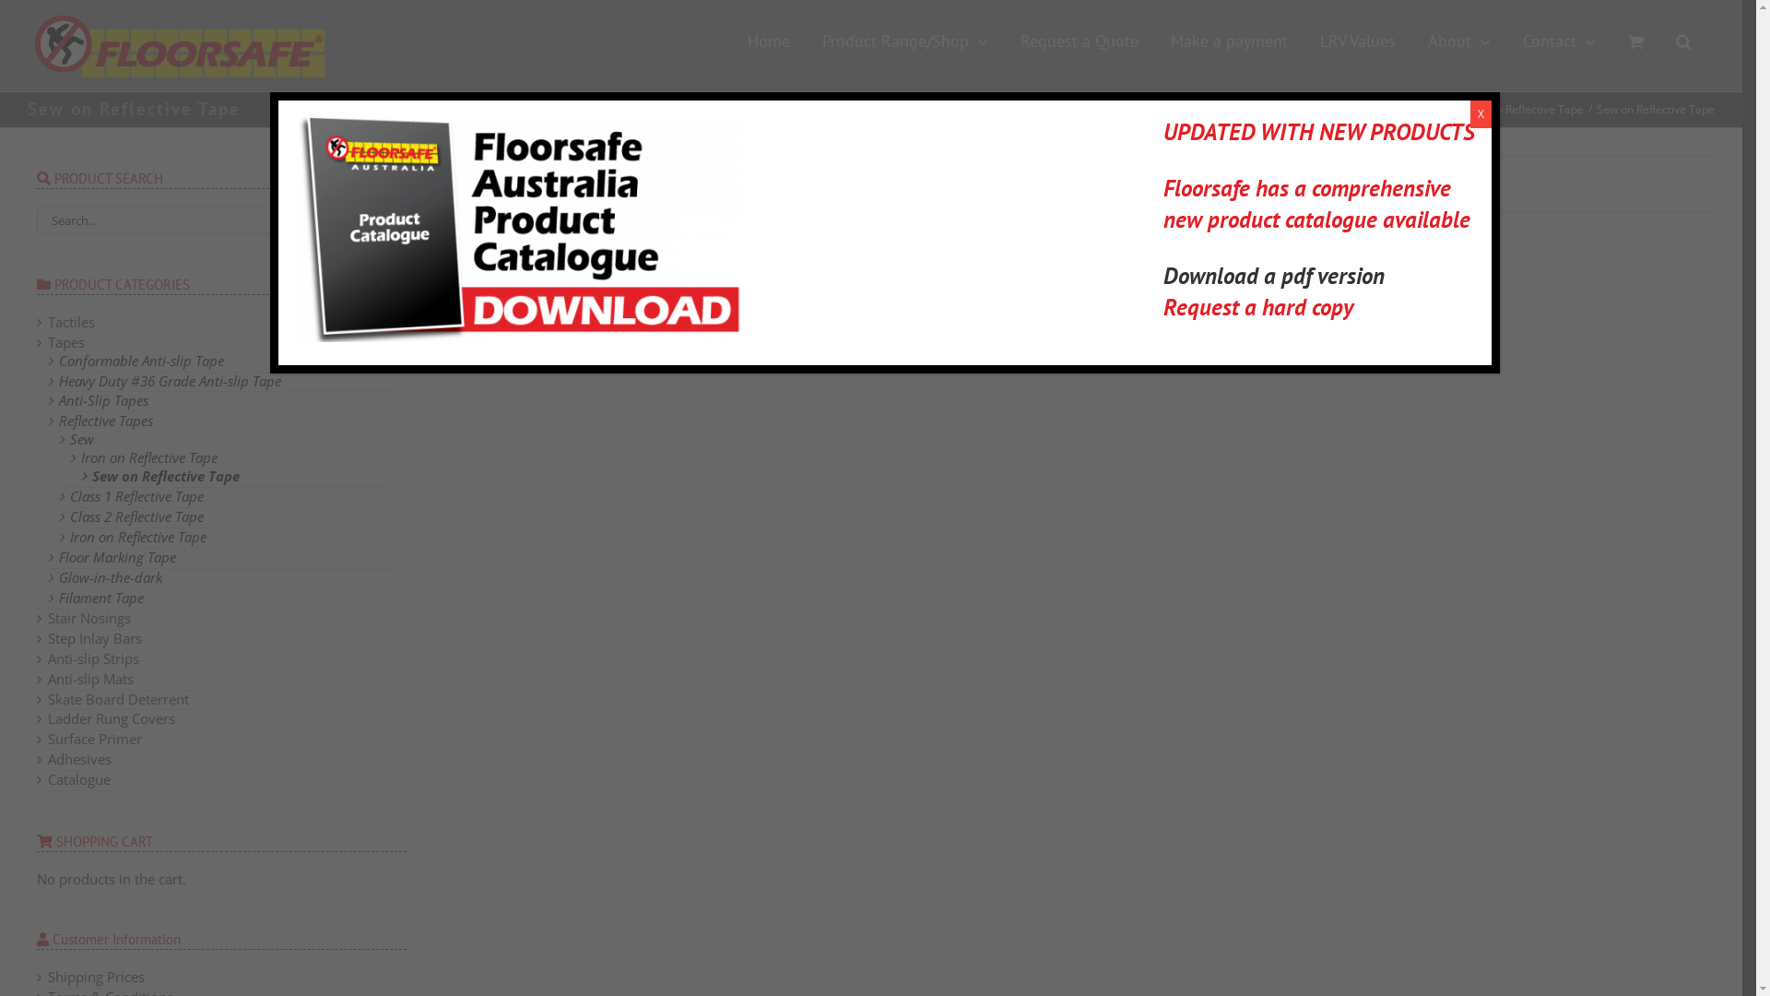 The image size is (1770, 996). What do you see at coordinates (905, 41) in the screenshot?
I see `'Product Range/Shop'` at bounding box center [905, 41].